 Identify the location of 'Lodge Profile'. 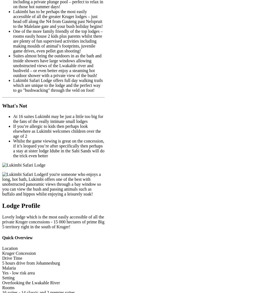
(21, 205).